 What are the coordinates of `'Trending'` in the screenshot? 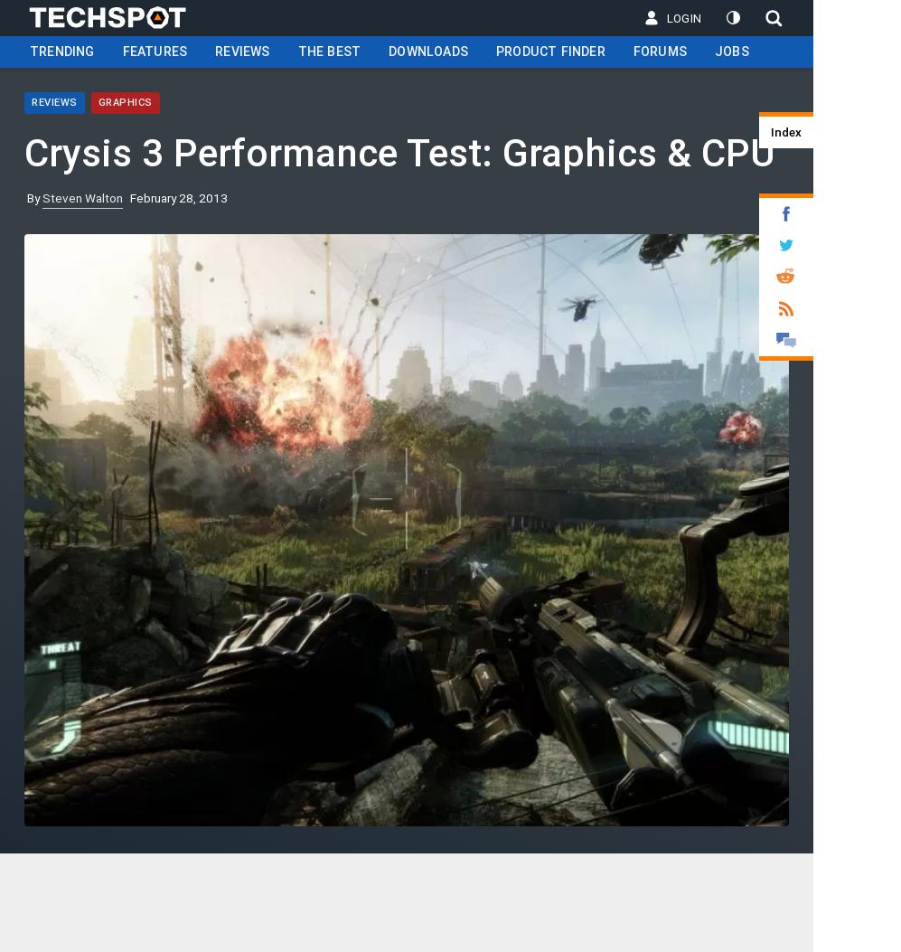 It's located at (30, 50).